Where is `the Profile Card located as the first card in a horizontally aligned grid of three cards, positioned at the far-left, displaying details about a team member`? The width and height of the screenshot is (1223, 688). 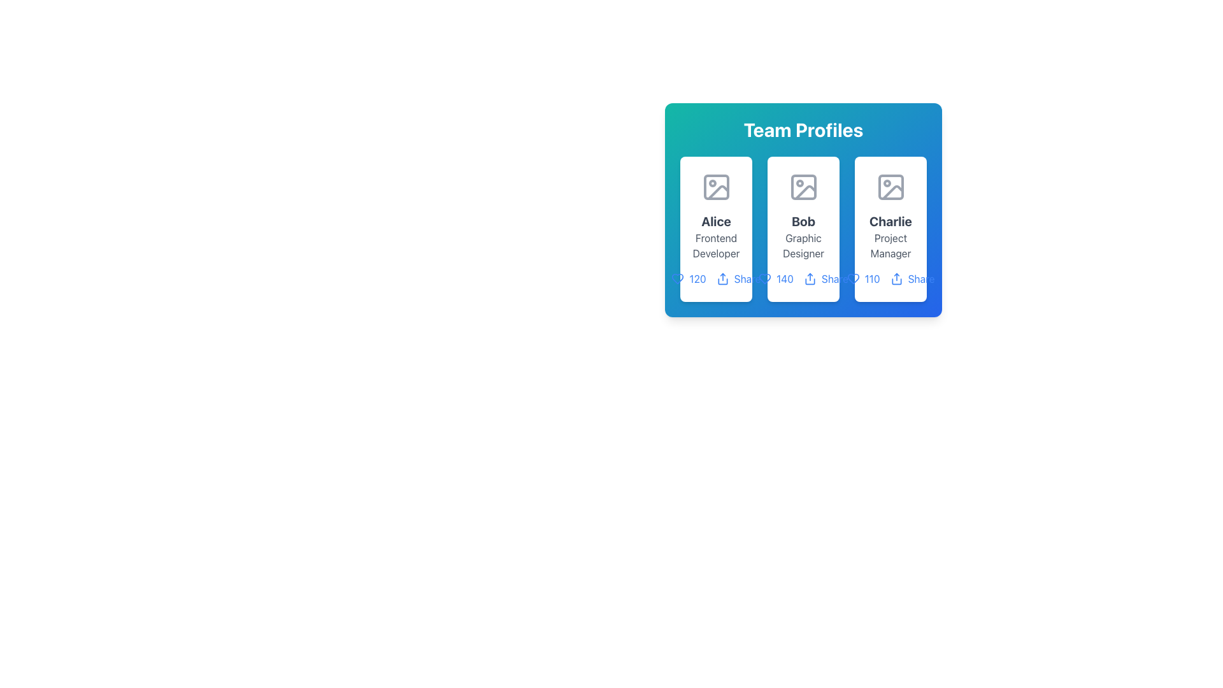 the Profile Card located as the first card in a horizontally aligned grid of three cards, positioned at the far-left, displaying details about a team member is located at coordinates (716, 228).